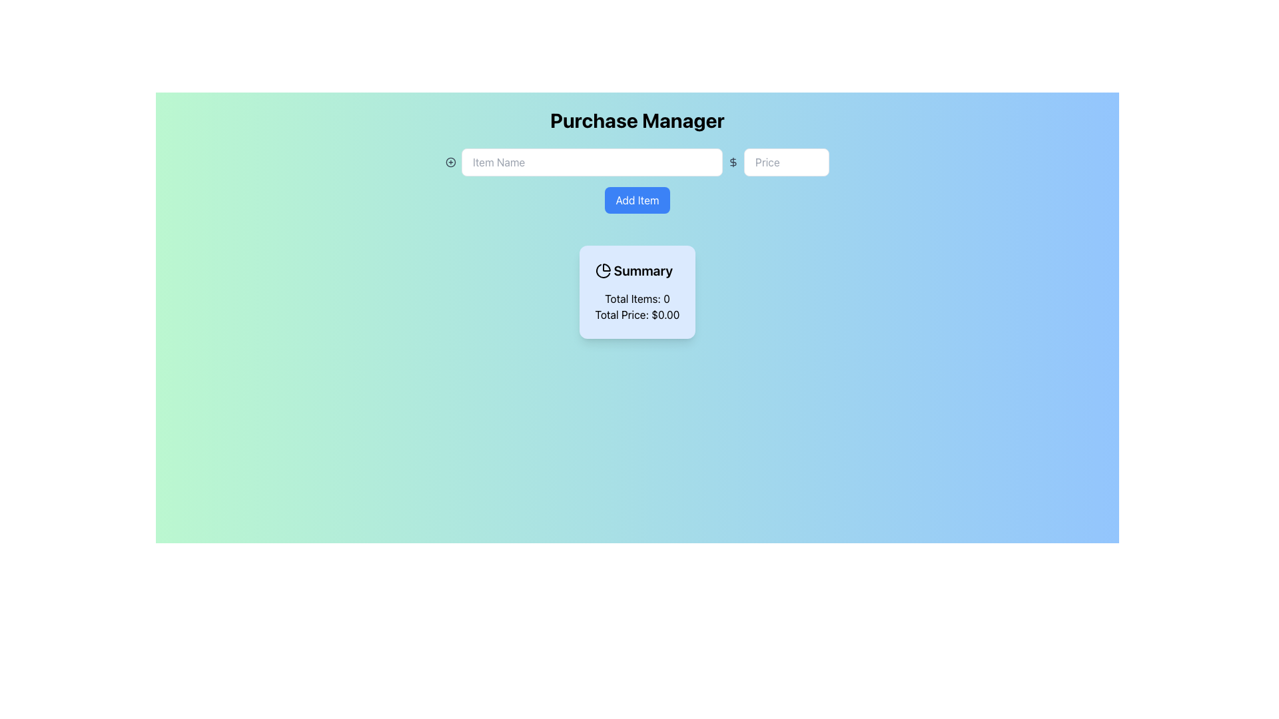 The height and width of the screenshot is (719, 1279). What do you see at coordinates (602, 270) in the screenshot?
I see `the pie chart icon located in the centered panel labeled 'Summary', which is positioned immediately left of the text 'Summary'` at bounding box center [602, 270].